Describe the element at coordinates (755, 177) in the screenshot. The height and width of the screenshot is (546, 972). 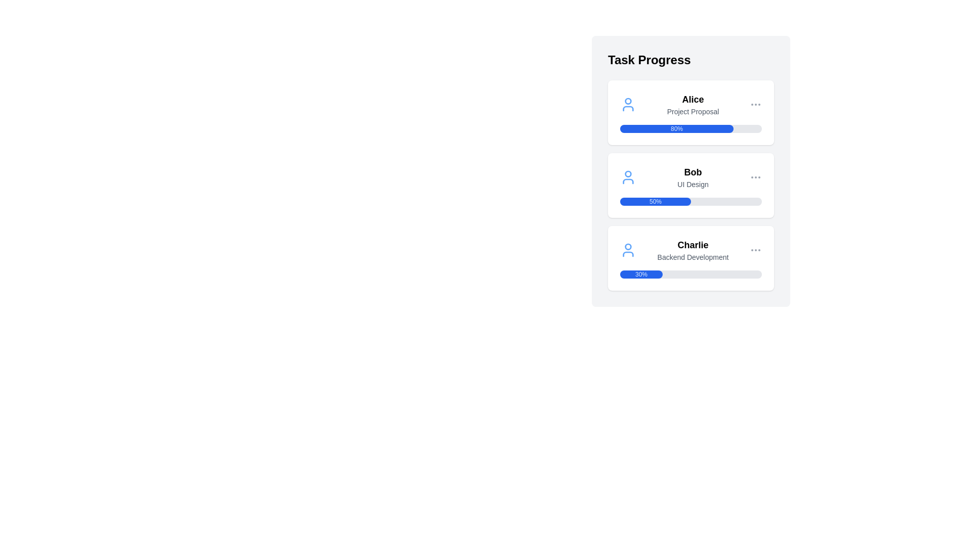
I see `the center dot of the ellipsis icon located on the right-hand side of the segment labeled 'Bob UI Design'` at that location.